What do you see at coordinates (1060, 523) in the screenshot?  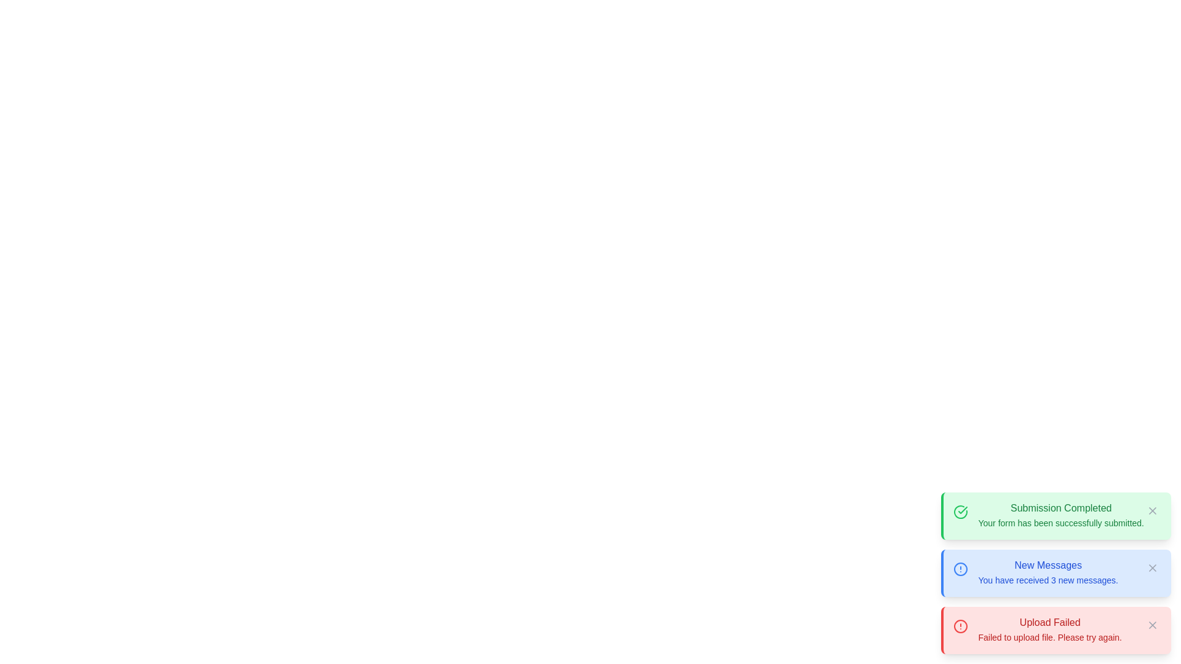 I see `the confirmation message static text located within the green notification box beneath the heading 'Submission Completed'` at bounding box center [1060, 523].